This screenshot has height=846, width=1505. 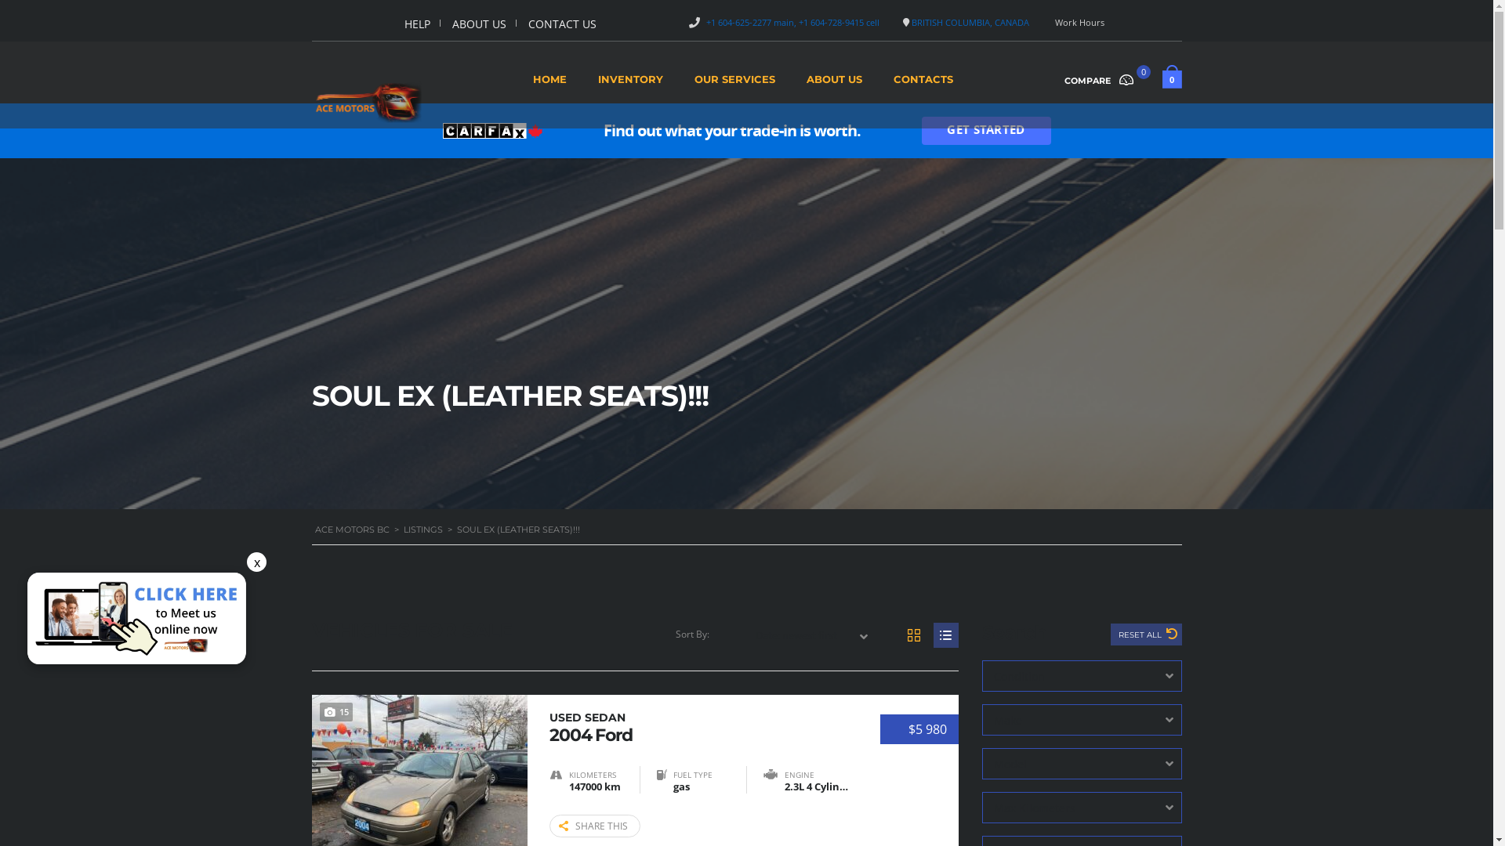 I want to click on 'OUR SERVICES', so click(x=734, y=84).